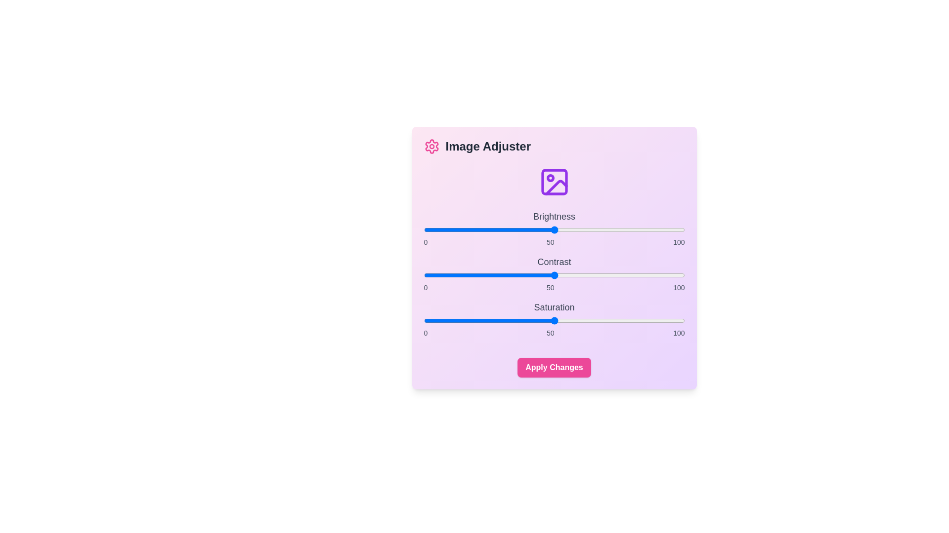  What do you see at coordinates (643, 230) in the screenshot?
I see `the brightness slider to 84 value` at bounding box center [643, 230].